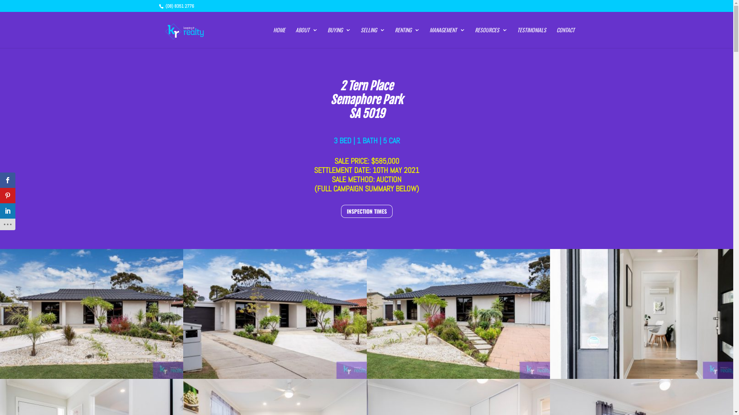 This screenshot has height=415, width=739. I want to click on '(08) 8351 2776', so click(178, 6).